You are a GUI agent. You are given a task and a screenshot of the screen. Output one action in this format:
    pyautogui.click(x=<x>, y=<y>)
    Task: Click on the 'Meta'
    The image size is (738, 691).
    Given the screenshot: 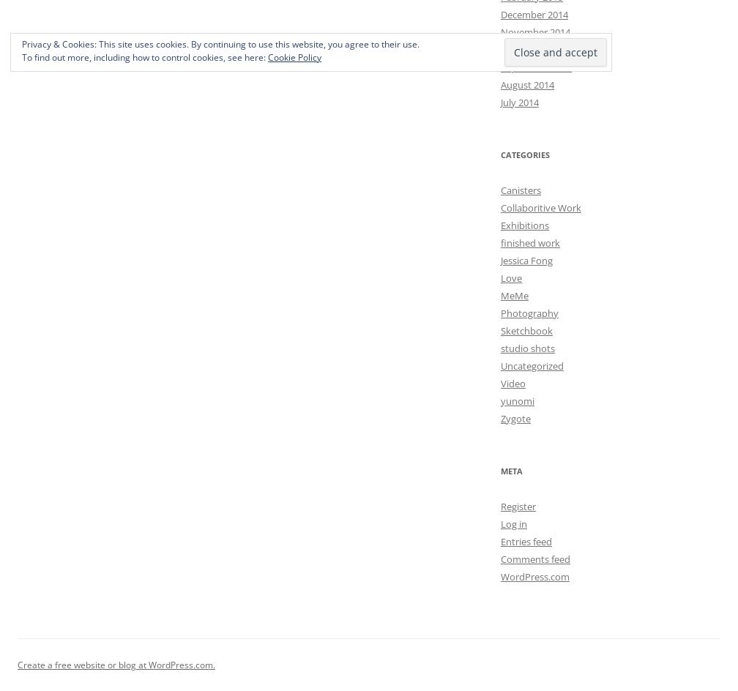 What is the action you would take?
    pyautogui.click(x=512, y=470)
    